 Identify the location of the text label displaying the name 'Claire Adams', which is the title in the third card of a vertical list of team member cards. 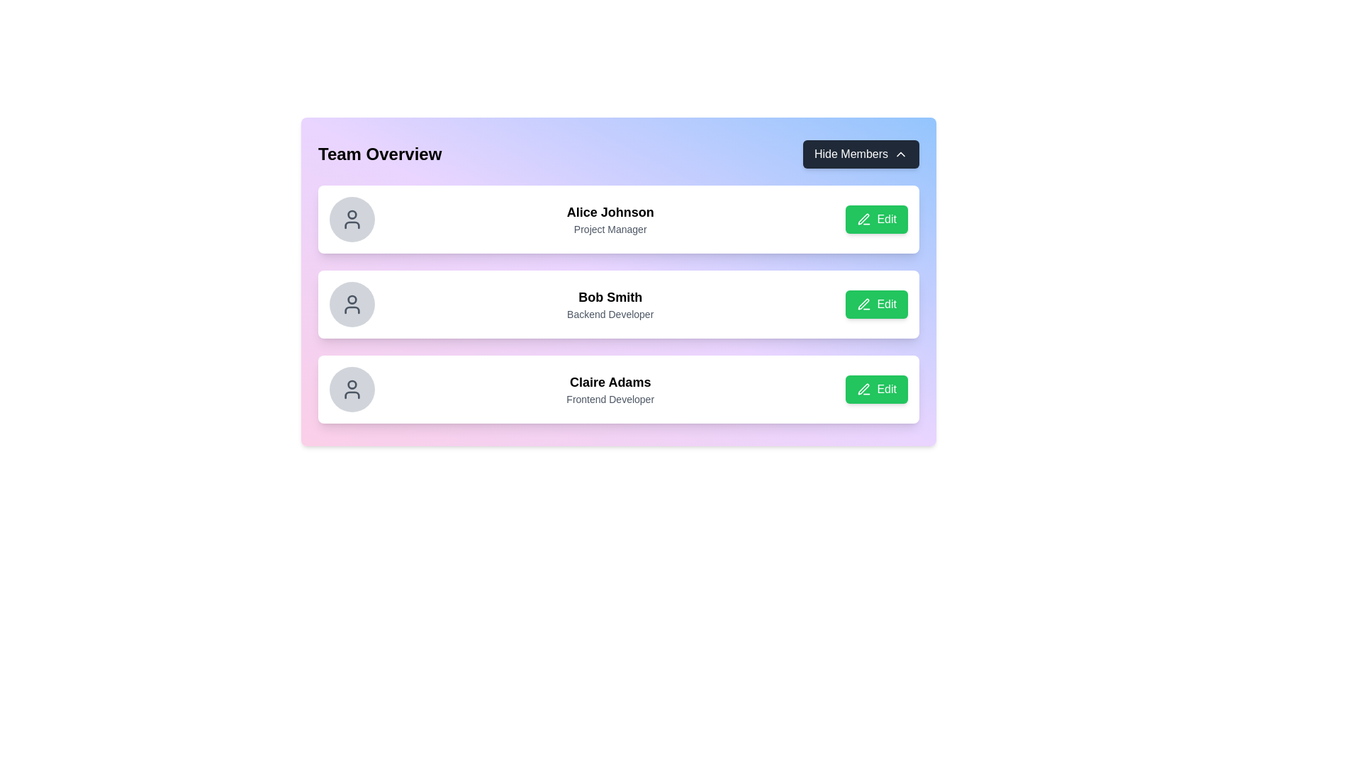
(610, 382).